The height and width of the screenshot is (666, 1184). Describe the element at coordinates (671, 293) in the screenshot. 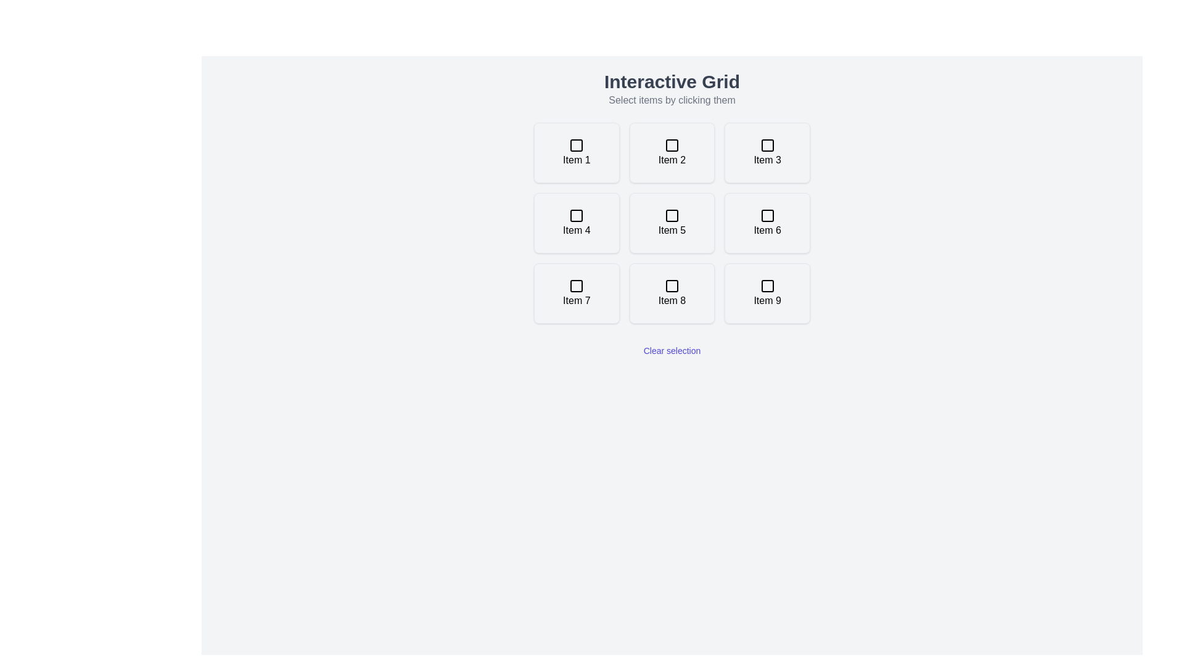

I see `the interactive button located in the third row and second column of the grid` at that location.